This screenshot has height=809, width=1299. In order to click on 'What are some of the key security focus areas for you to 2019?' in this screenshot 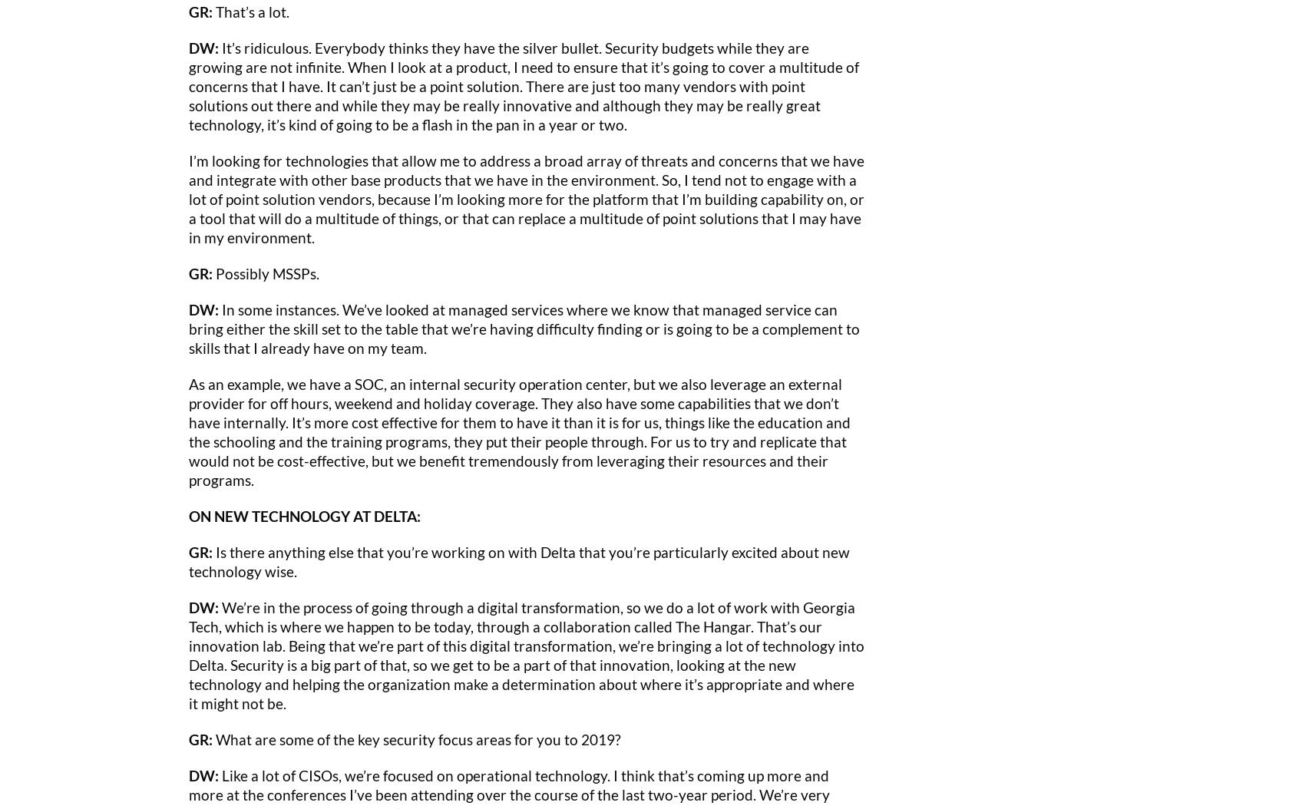, I will do `click(212, 738)`.